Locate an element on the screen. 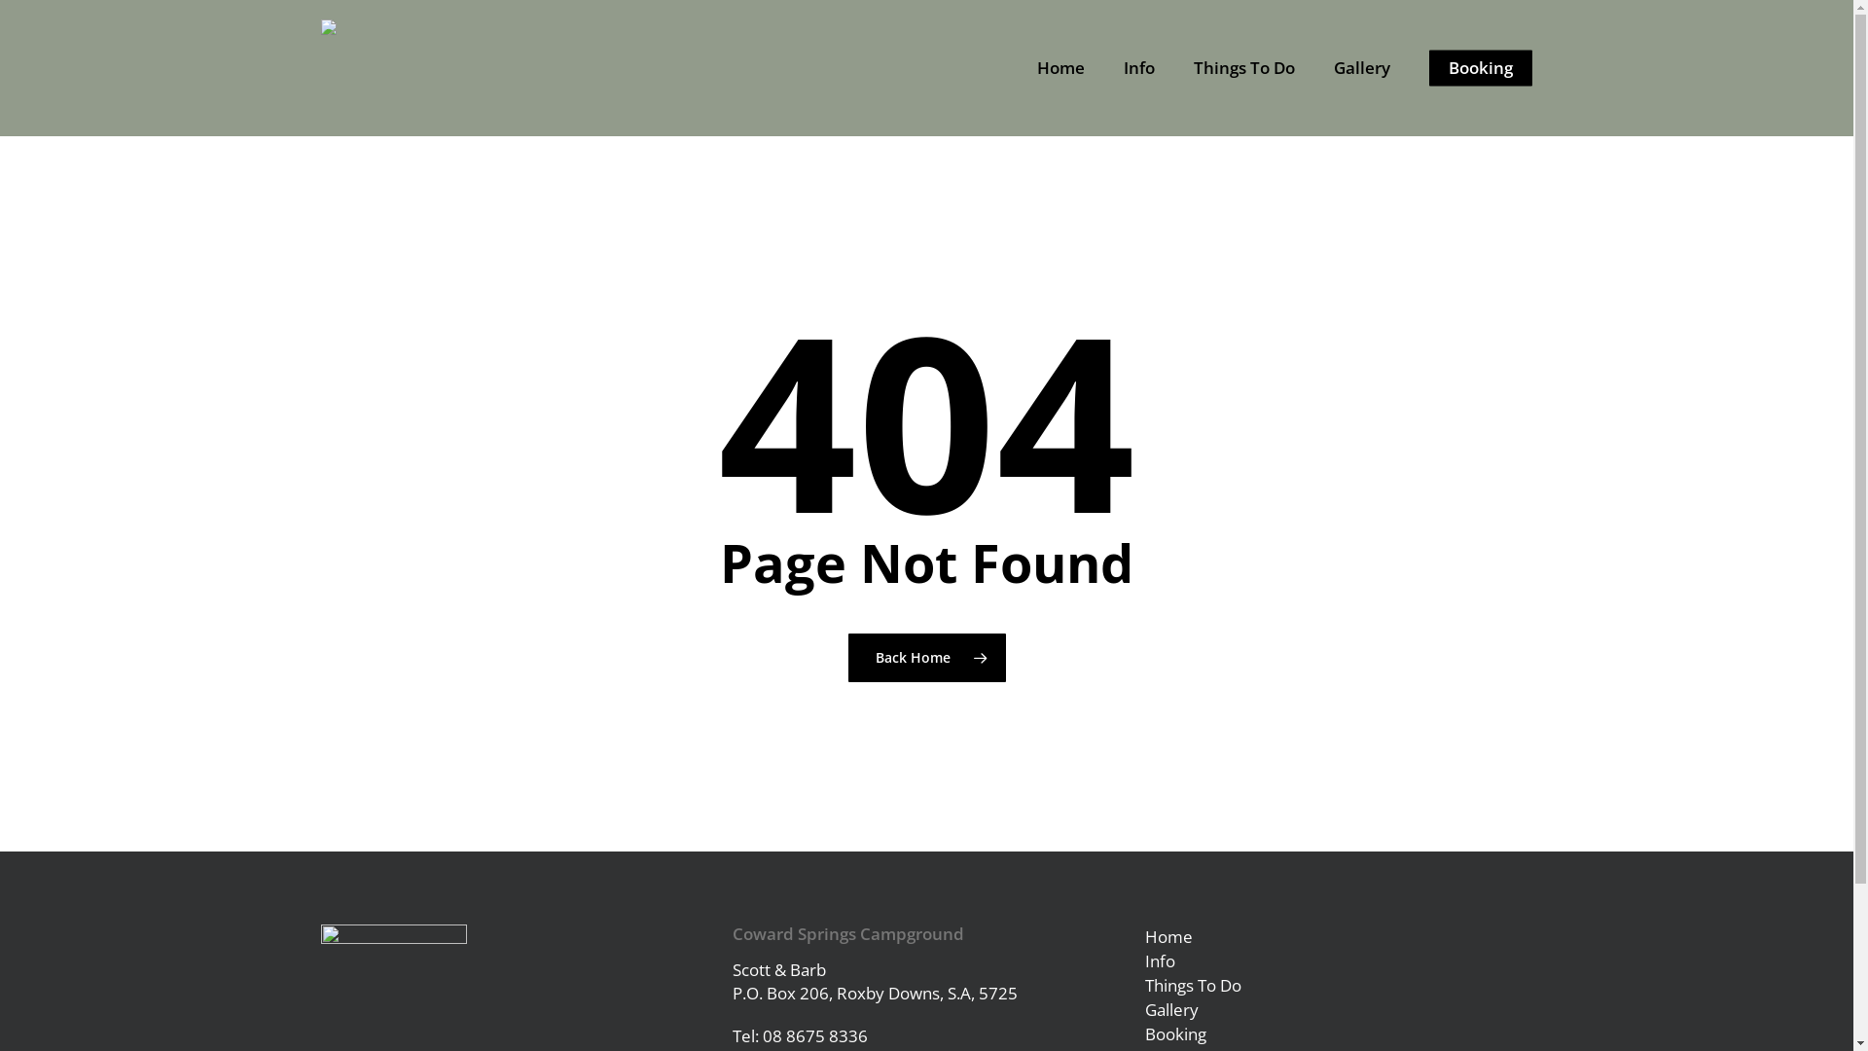 The height and width of the screenshot is (1051, 1868). 'Info' is located at coordinates (1124, 66).